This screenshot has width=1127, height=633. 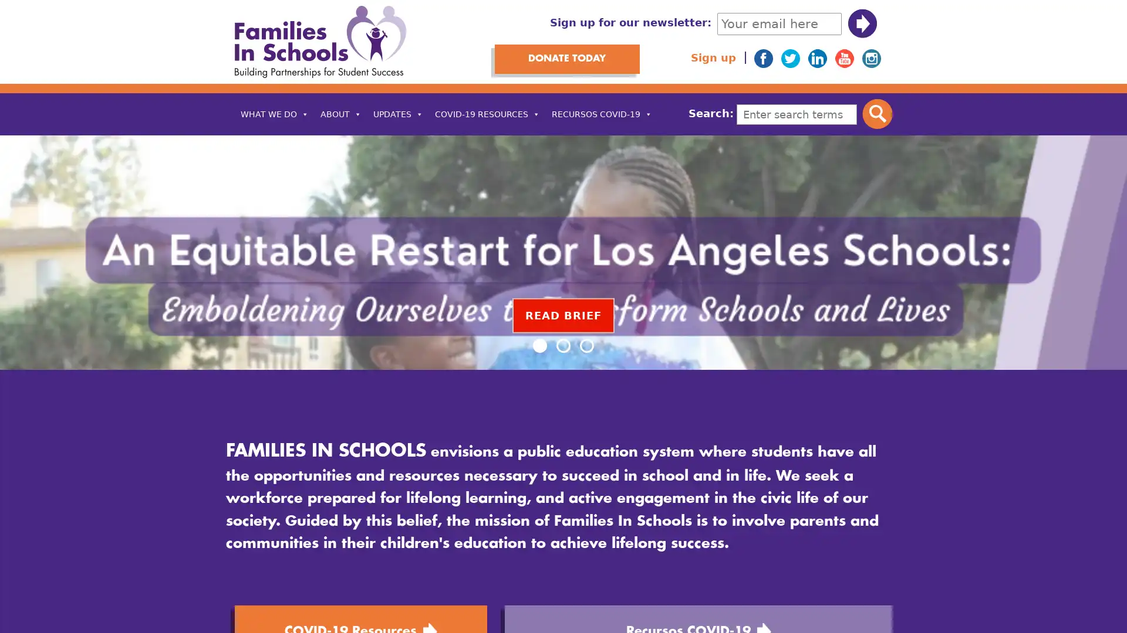 What do you see at coordinates (862, 23) in the screenshot?
I see `SUBMIT` at bounding box center [862, 23].